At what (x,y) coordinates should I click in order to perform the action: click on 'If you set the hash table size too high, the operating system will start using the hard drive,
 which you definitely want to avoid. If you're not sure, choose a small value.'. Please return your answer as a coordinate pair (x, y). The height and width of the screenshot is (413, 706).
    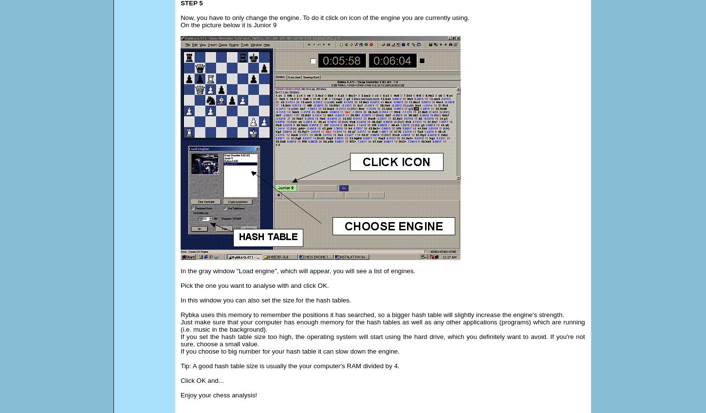
    Looking at the image, I should click on (382, 340).